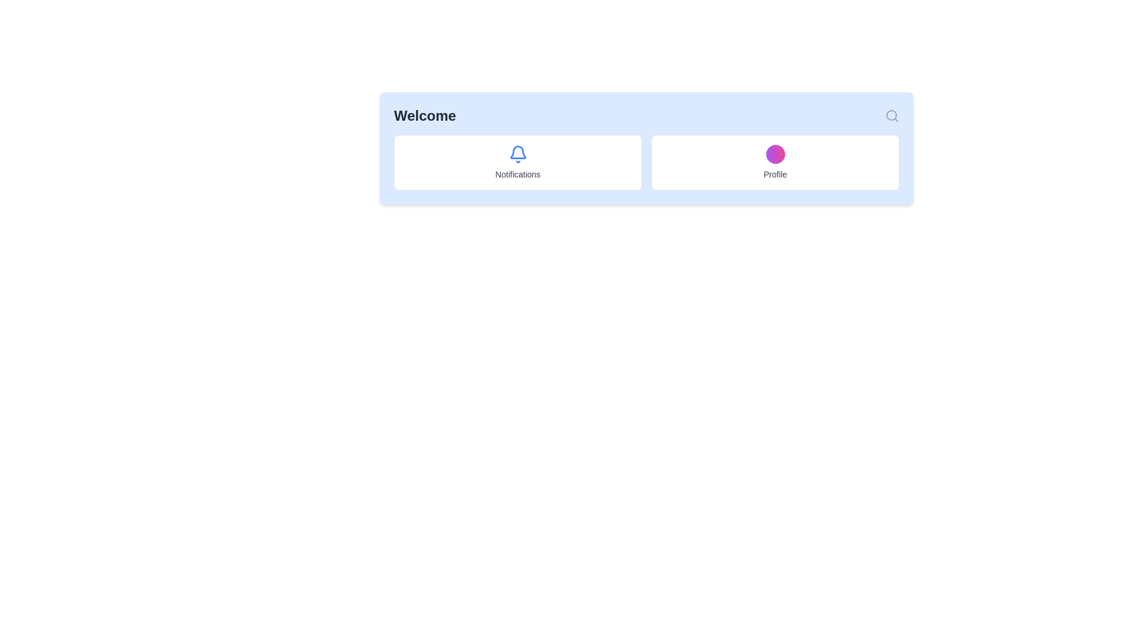 This screenshot has width=1136, height=639. I want to click on the 'Profile' button, which is a rectangular card with a white background and a gradient purple-to-pink circular shape at the top center, to potentially see a tooltip, so click(775, 162).